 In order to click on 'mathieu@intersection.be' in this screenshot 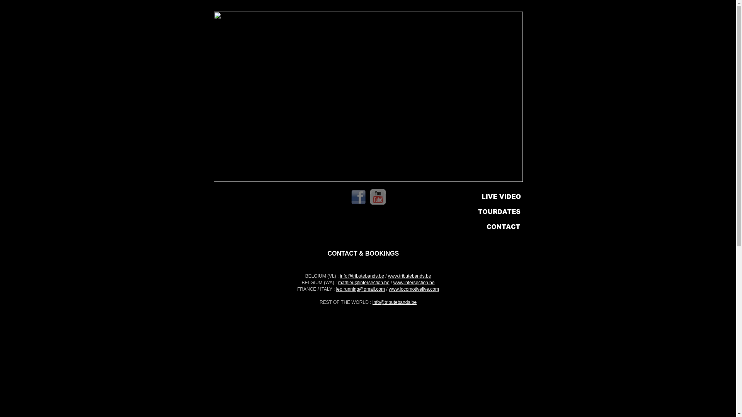, I will do `click(363, 283)`.